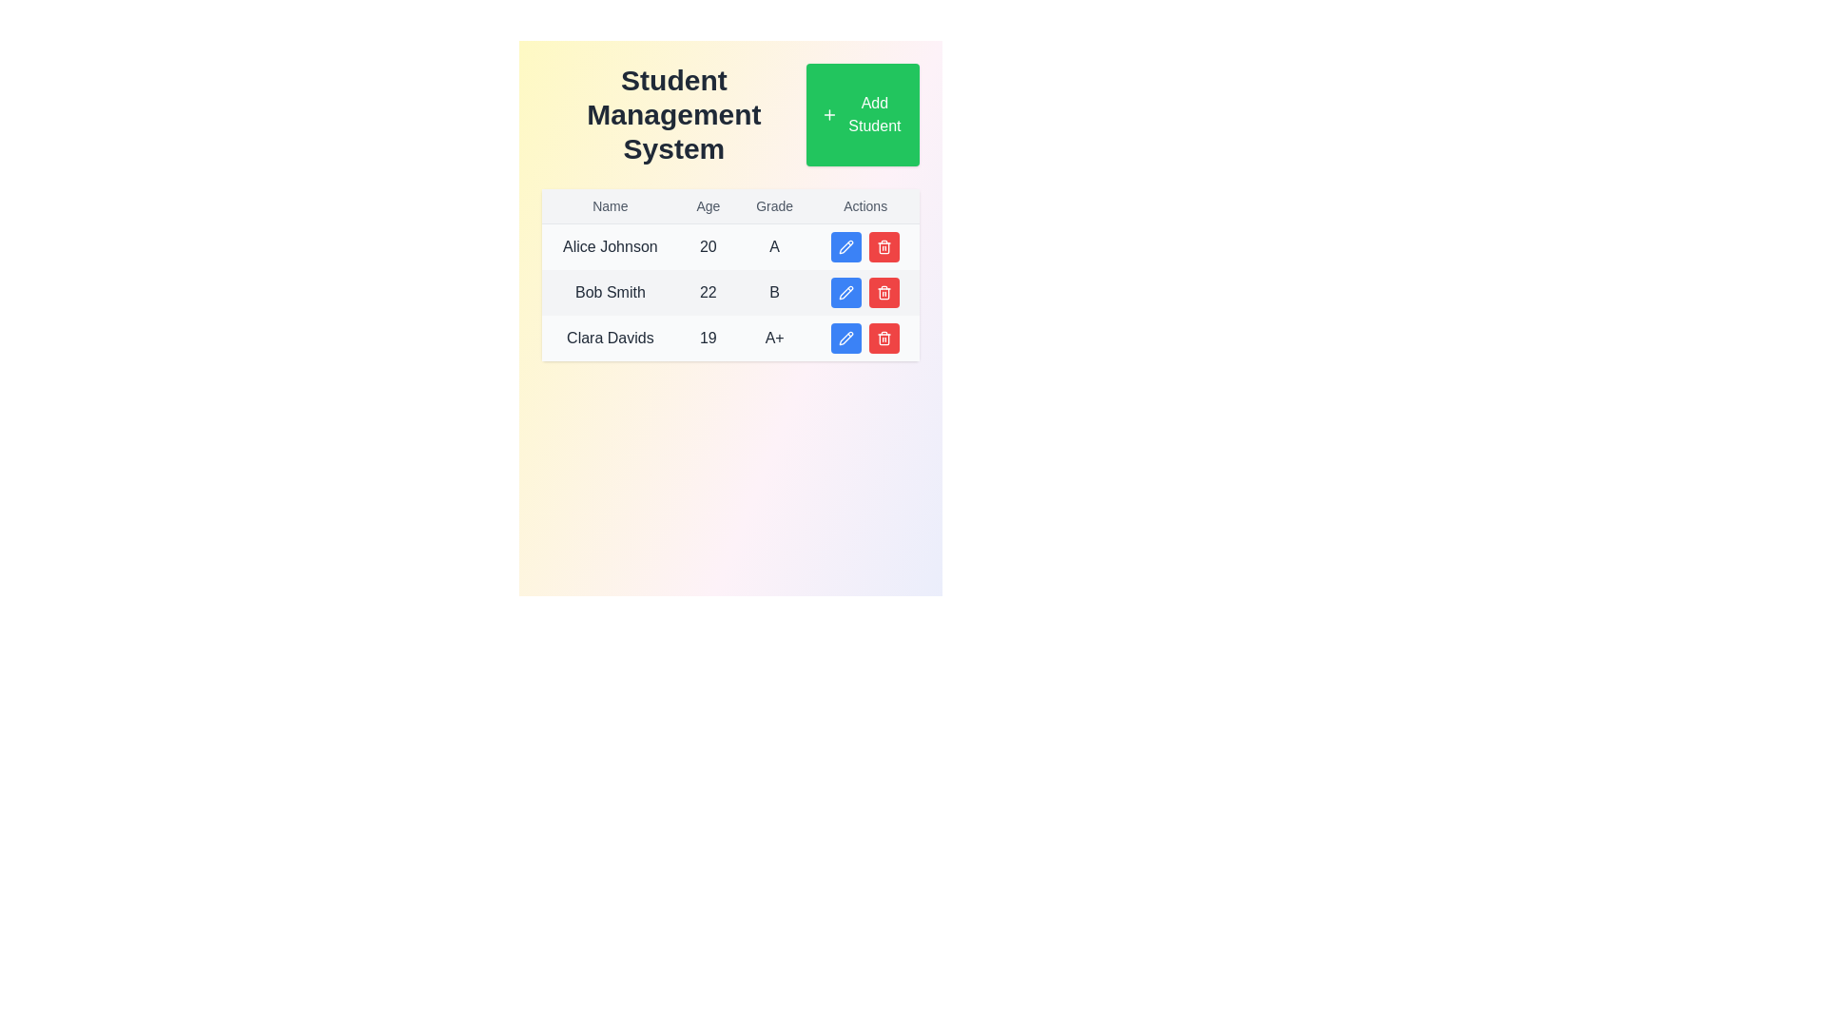  Describe the element at coordinates (862, 114) in the screenshot. I see `the green 'Add Student' button with a plus sign icon located at the top-right corner of the interface, adjacent to the 'Student Management System' heading` at that location.